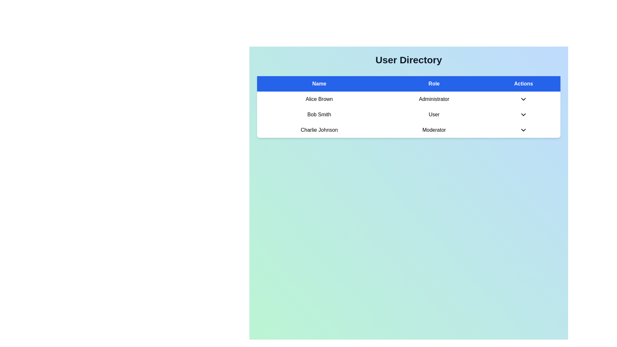 Image resolution: width=617 pixels, height=347 pixels. Describe the element at coordinates (434, 114) in the screenshot. I see `the text label indicating 'User' for the user 'Bob Smith' in the Role column of the user table, which is positioned in the second row` at that location.